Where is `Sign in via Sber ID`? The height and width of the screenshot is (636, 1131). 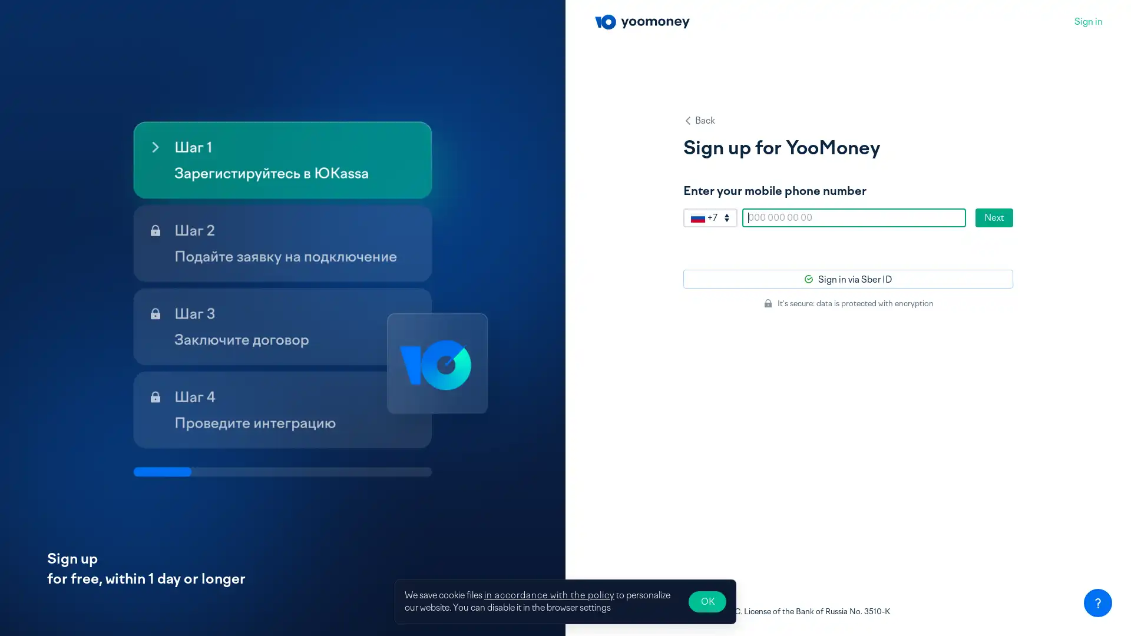 Sign in via Sber ID is located at coordinates (848, 279).